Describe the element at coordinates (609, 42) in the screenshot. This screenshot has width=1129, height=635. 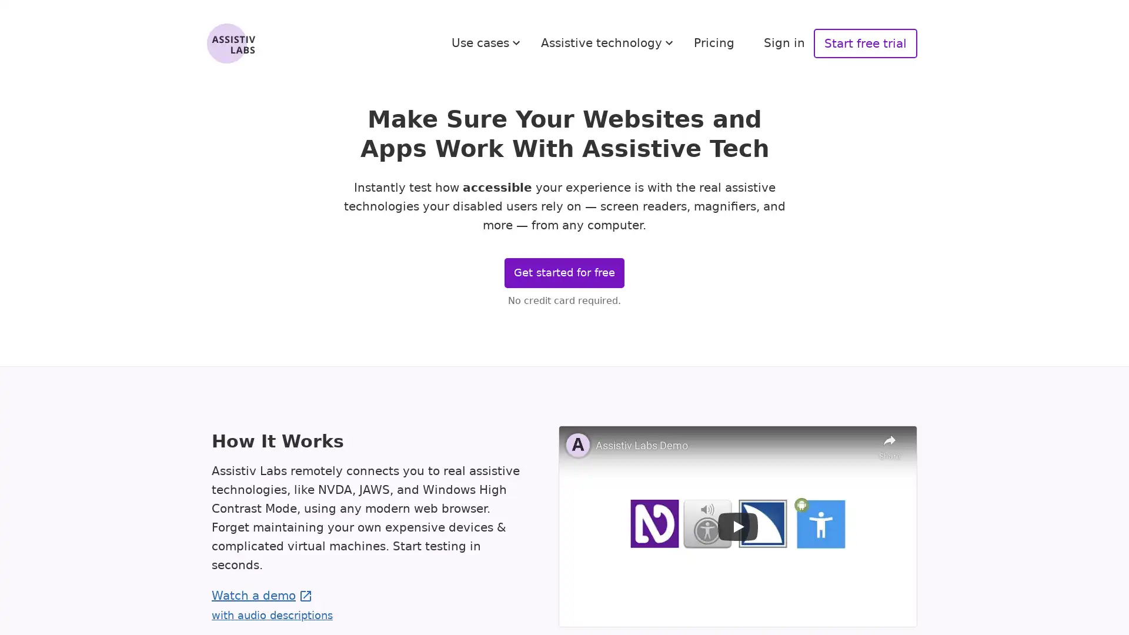
I see `Assistive technology` at that location.